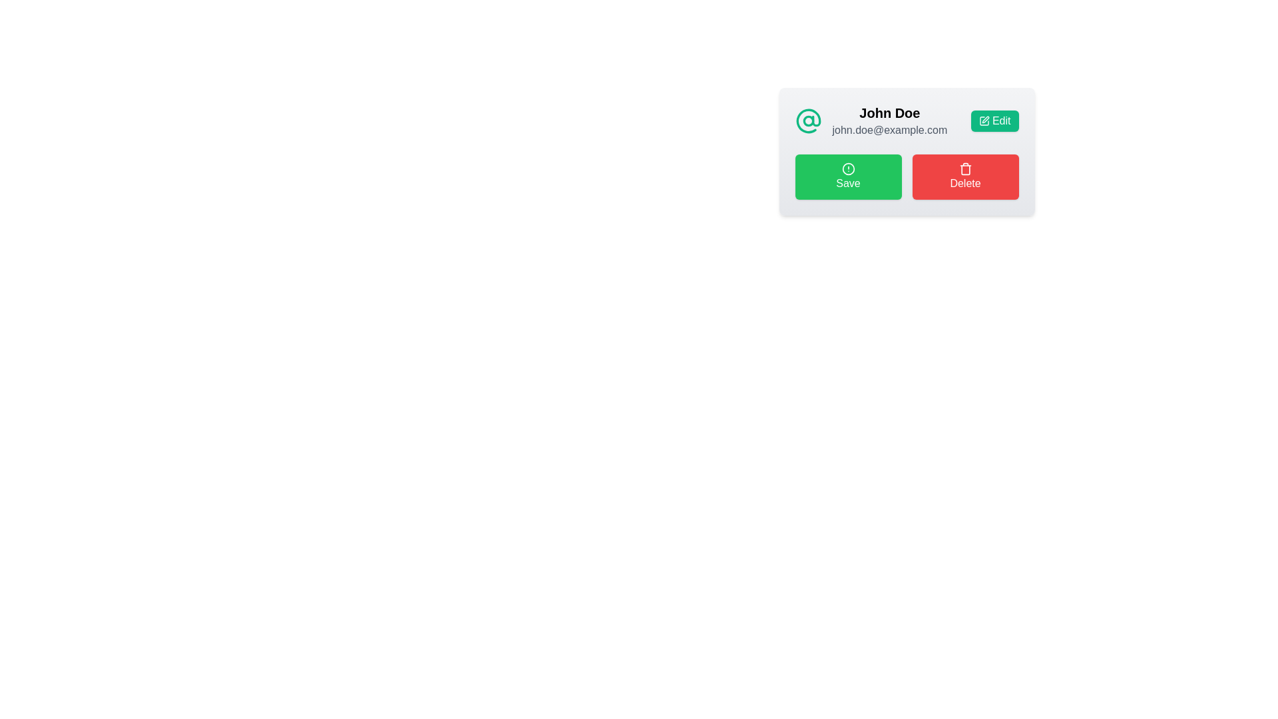  What do you see at coordinates (889, 130) in the screenshot?
I see `the text label element displaying the email address 'john.doe@example.com', which is styled in gray and positioned below 'John Doe'` at bounding box center [889, 130].